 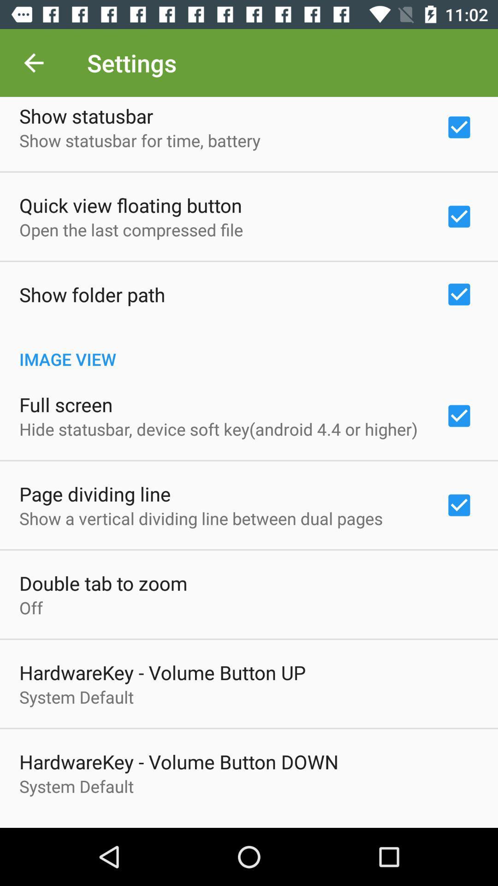 What do you see at coordinates (249, 349) in the screenshot?
I see `item above full screen` at bounding box center [249, 349].